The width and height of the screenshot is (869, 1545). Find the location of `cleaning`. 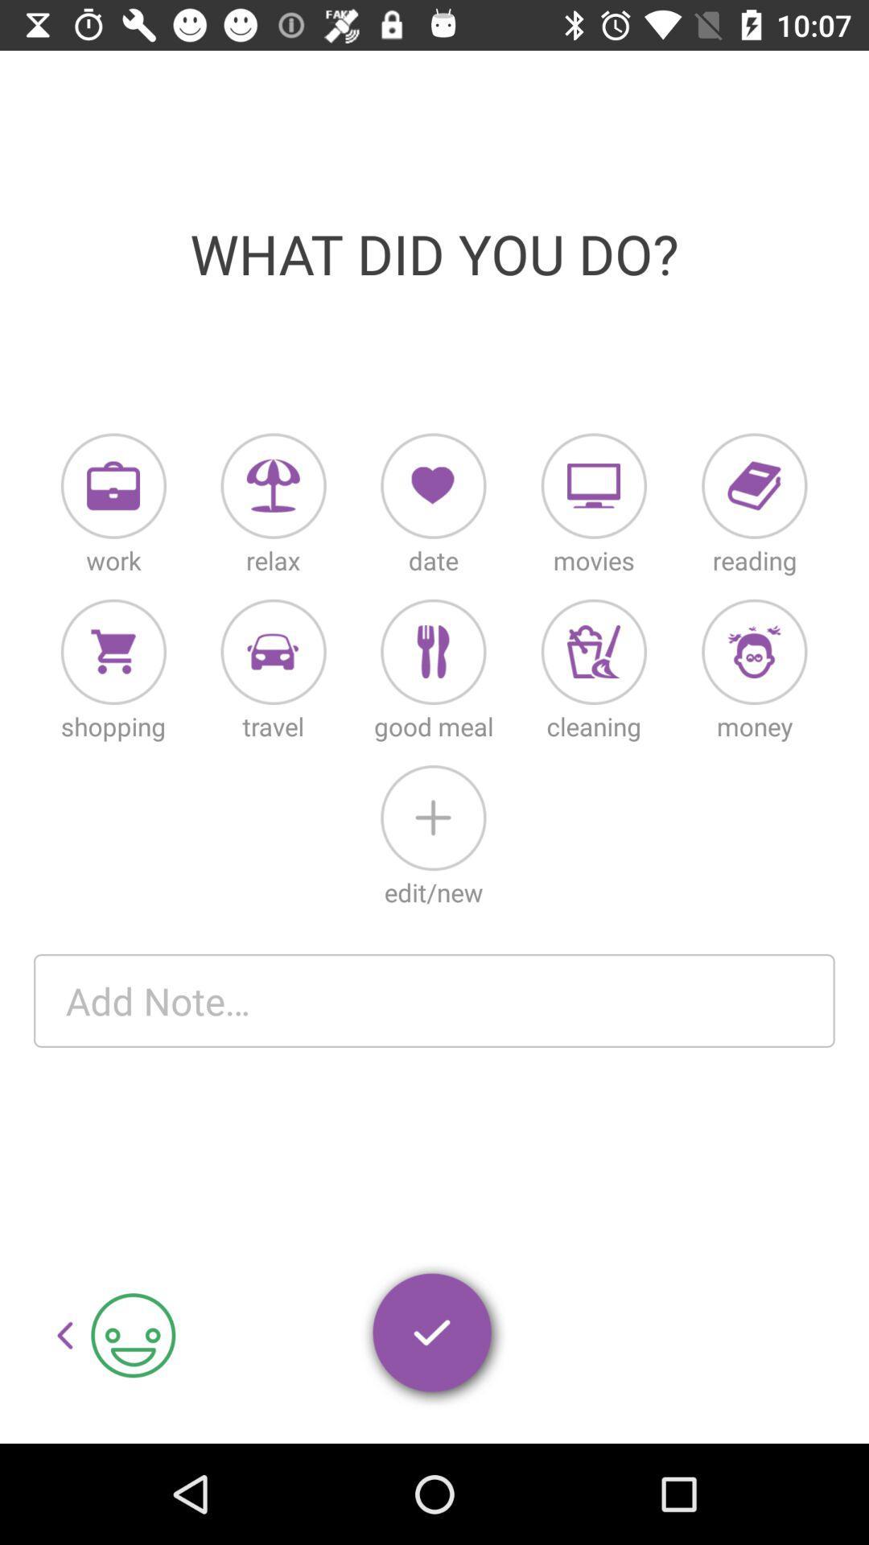

cleaning is located at coordinates (594, 652).